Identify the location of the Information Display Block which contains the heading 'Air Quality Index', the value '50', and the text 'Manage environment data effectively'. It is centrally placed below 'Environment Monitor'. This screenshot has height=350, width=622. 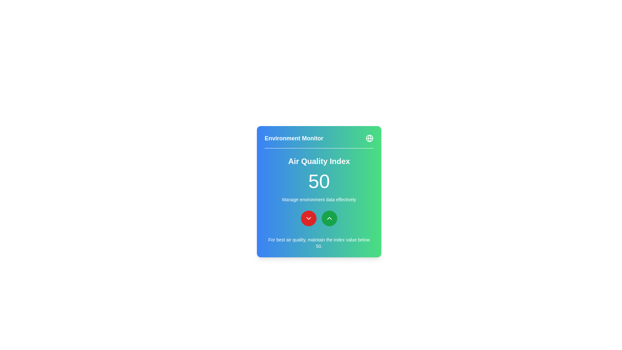
(319, 180).